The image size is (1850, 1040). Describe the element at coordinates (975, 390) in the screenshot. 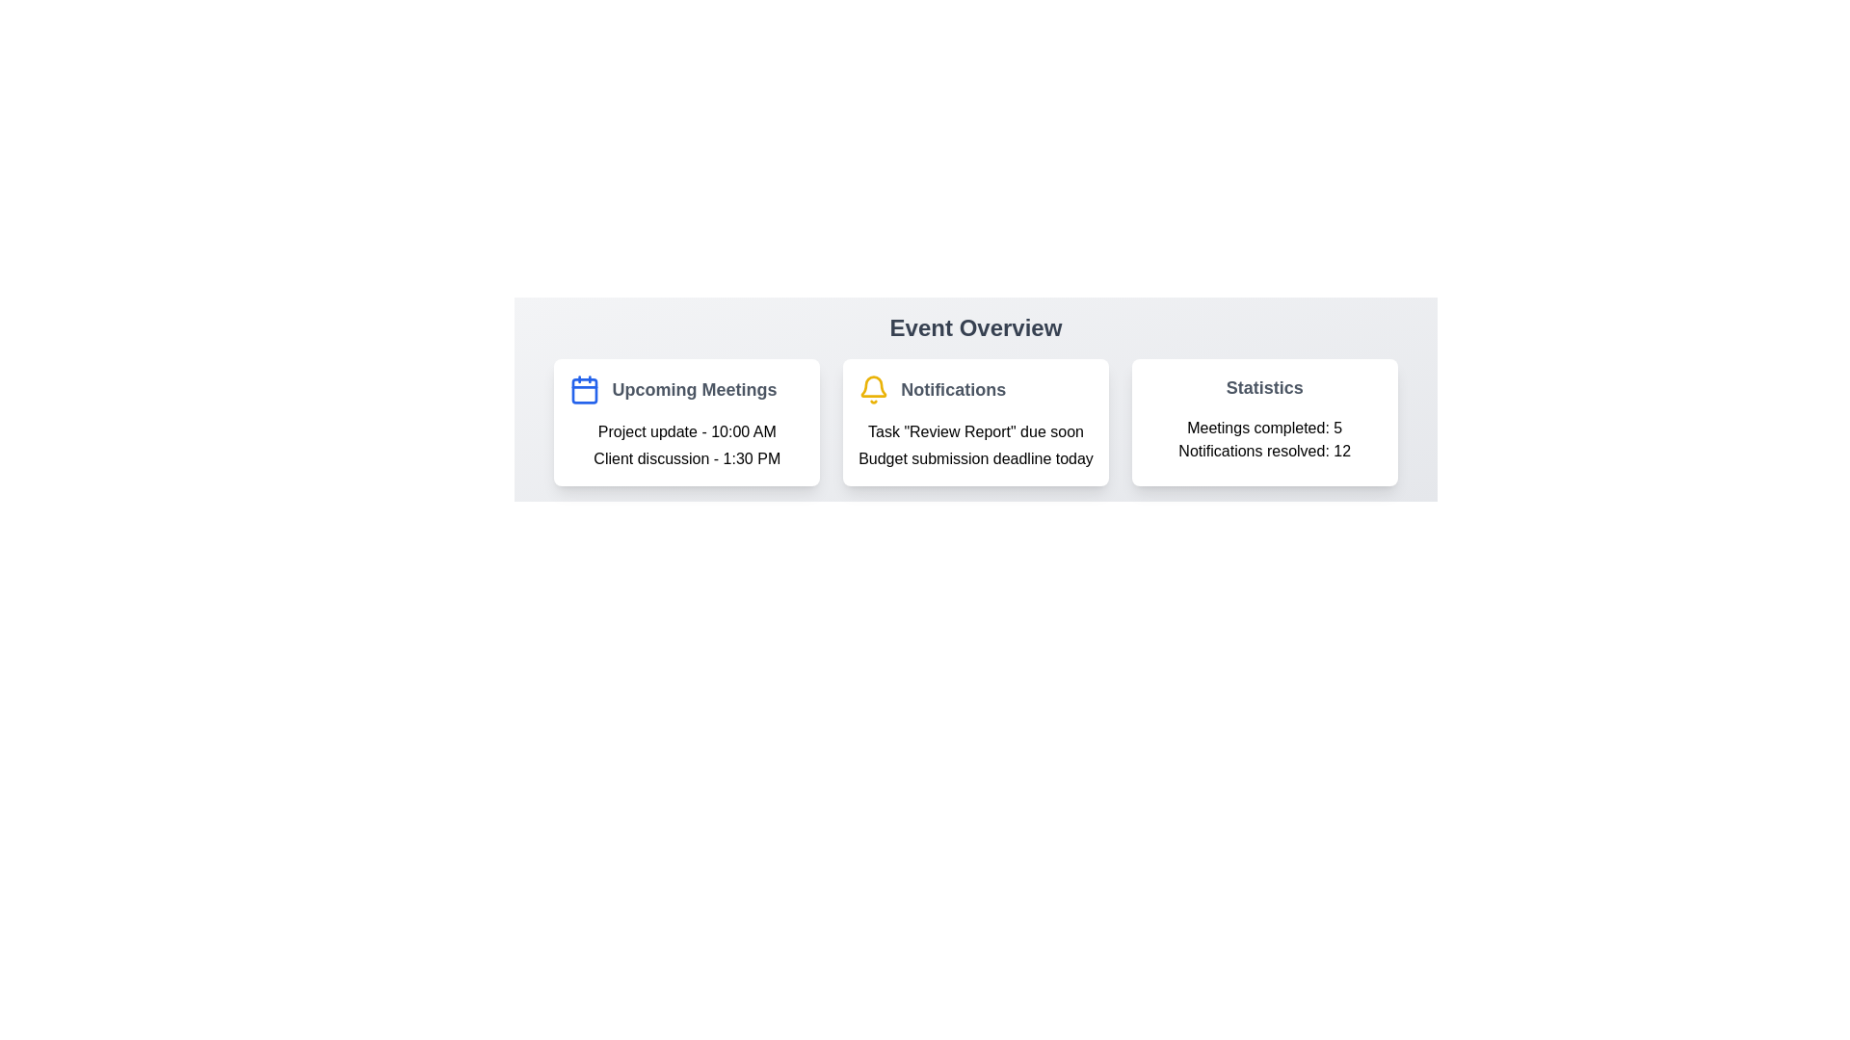

I see `the 'Notifications' label with the bell icon, which is located in the second card of the 'Event Overview' section` at that location.